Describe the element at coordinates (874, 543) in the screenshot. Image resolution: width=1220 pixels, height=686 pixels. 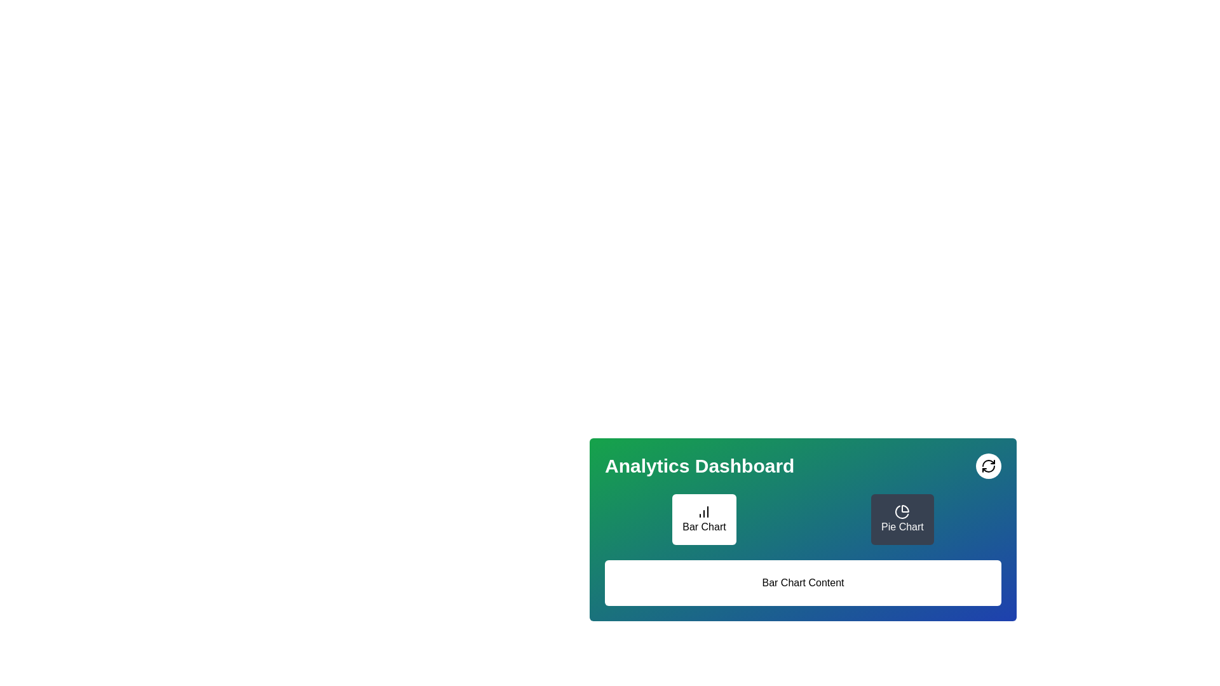
I see `the button that switches the view to pie chart analytics, located to the right of the 'Bar Chart' button in the 'Analytics Dashboard' section` at that location.